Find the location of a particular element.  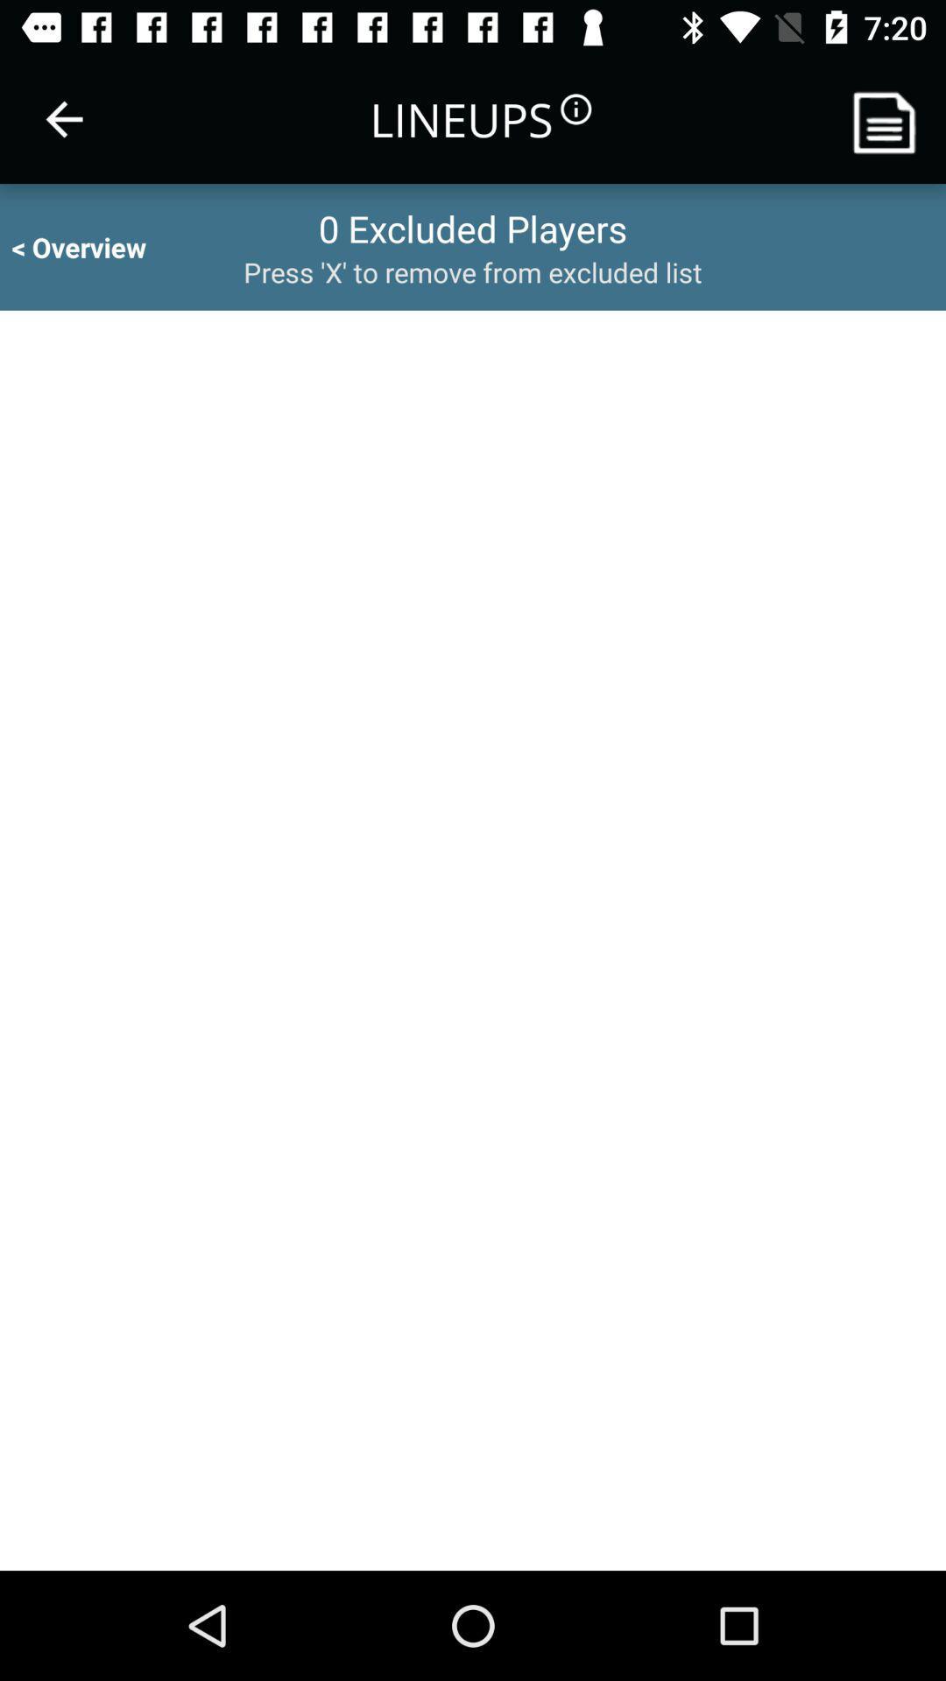

item next to the 0 excluded players icon is located at coordinates (95, 246).